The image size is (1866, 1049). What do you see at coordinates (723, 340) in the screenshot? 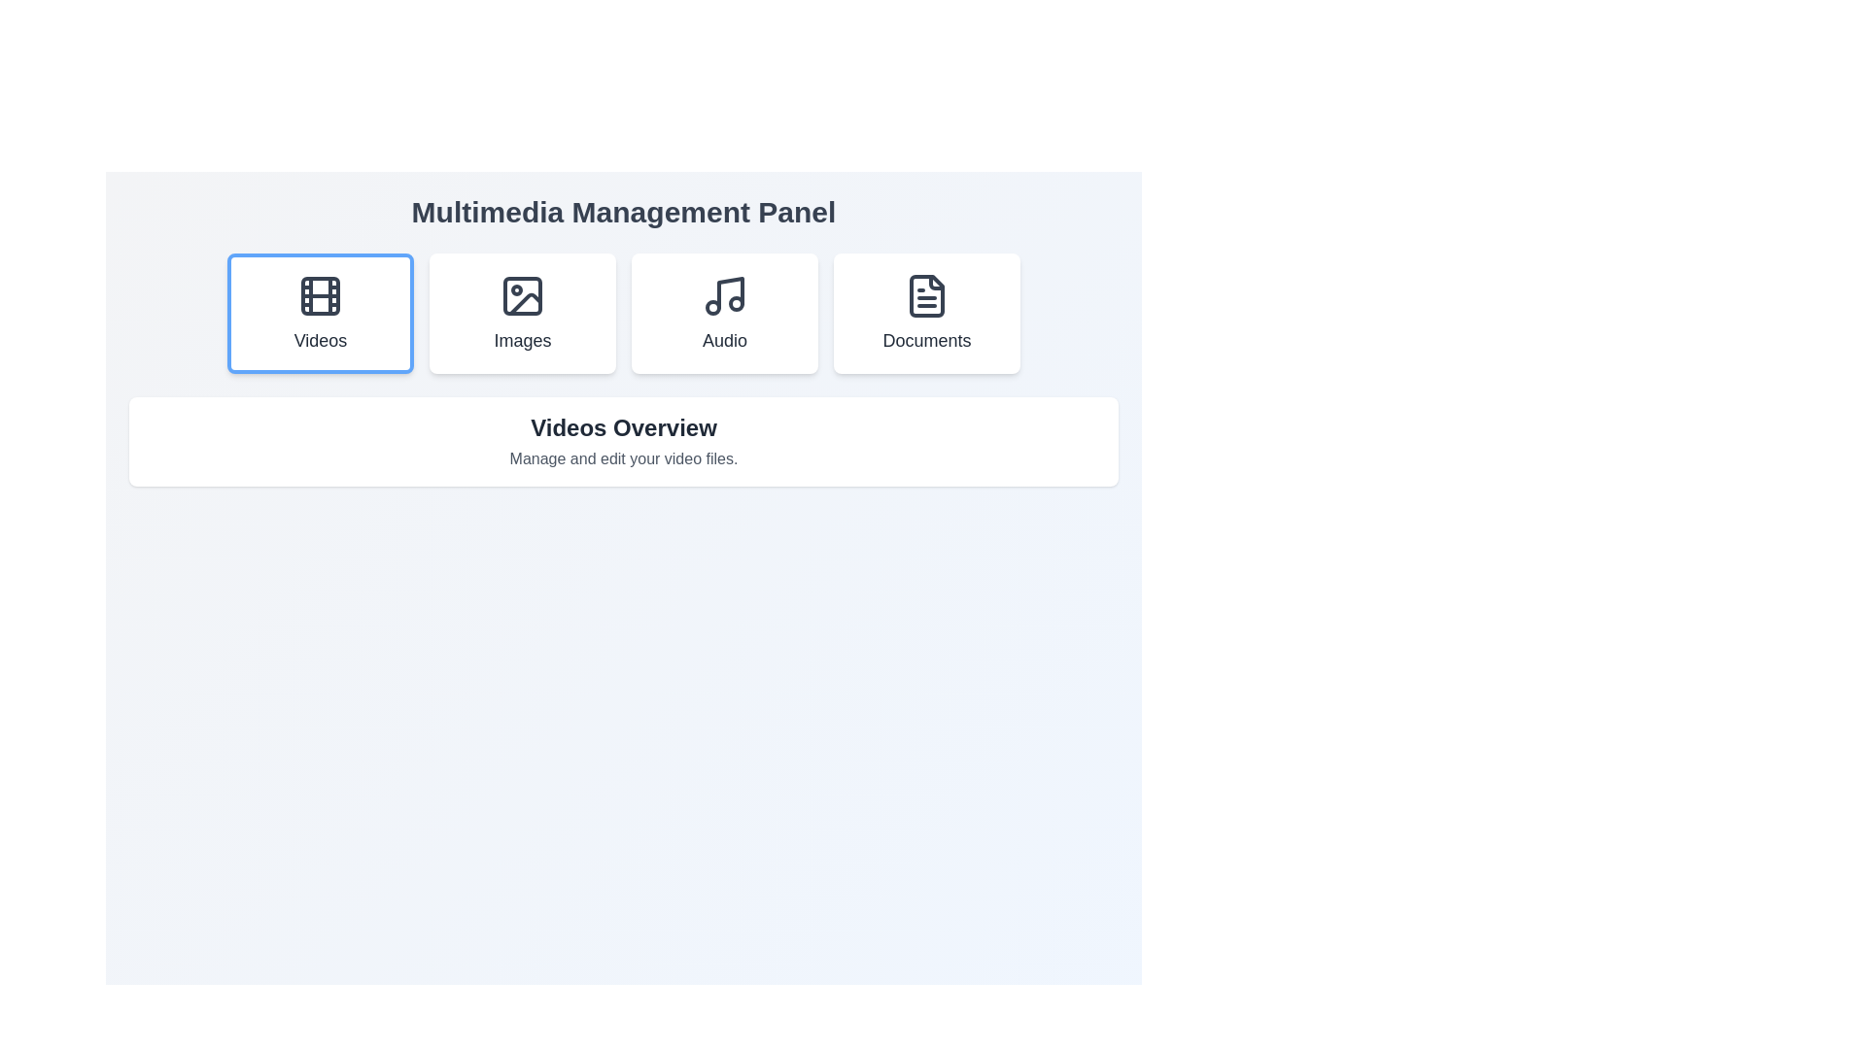
I see `text label indicating the purpose or category of the audio content located at the bottom center of the third card in a horizontal row of four cards` at bounding box center [723, 340].